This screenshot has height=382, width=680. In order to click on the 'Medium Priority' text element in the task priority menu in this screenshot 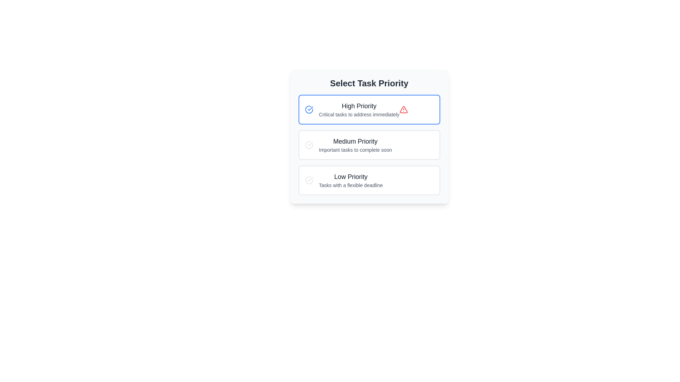, I will do `click(355, 144)`.